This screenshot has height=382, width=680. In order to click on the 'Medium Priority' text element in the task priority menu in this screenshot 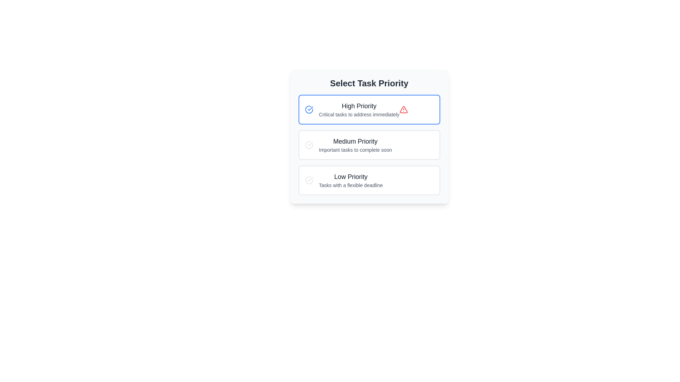, I will do `click(355, 144)`.